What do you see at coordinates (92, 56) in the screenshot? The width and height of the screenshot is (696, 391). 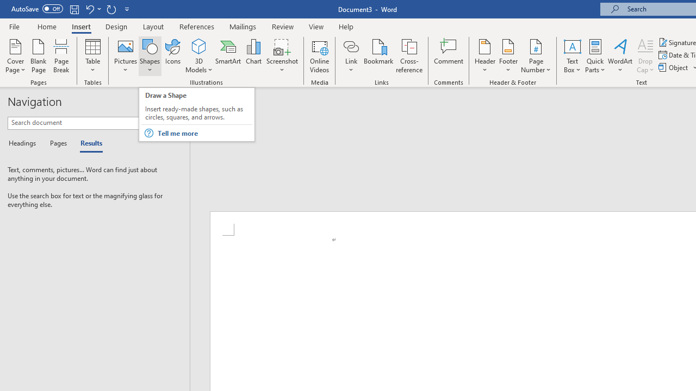 I see `'Table'` at bounding box center [92, 56].